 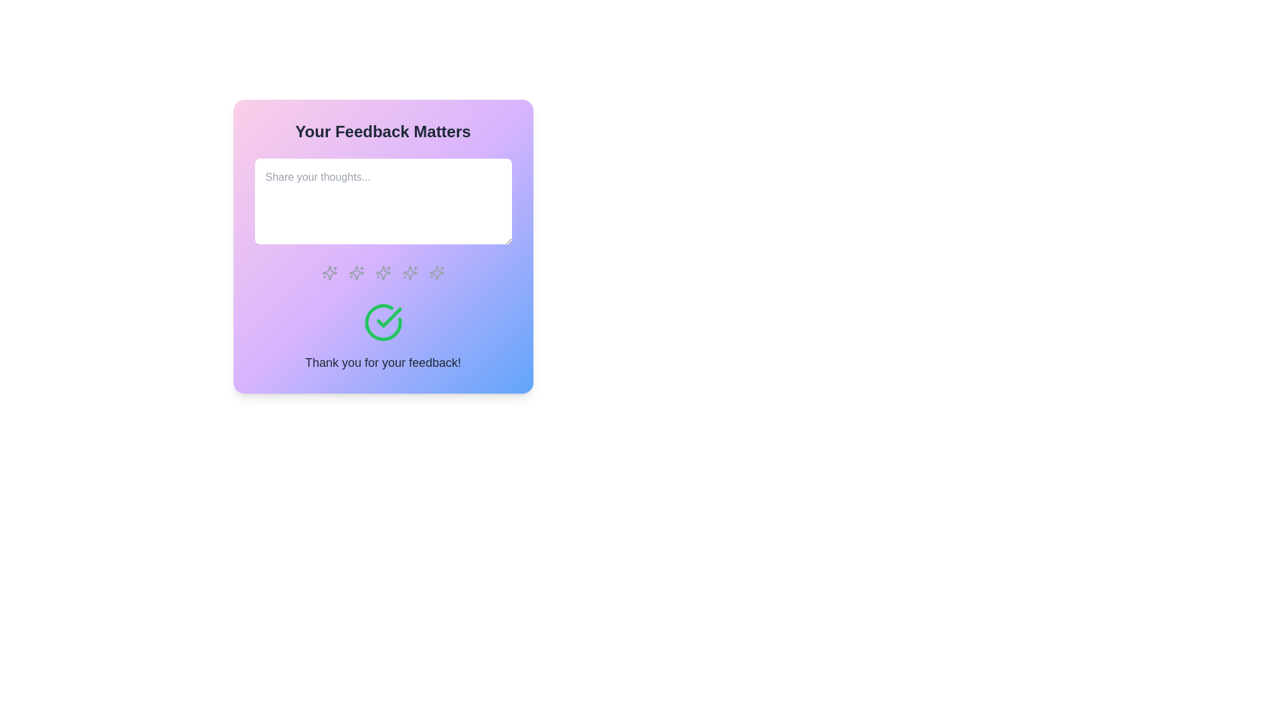 I want to click on the second interactive rating icon in the horizontal row of star icons, so click(x=356, y=272).